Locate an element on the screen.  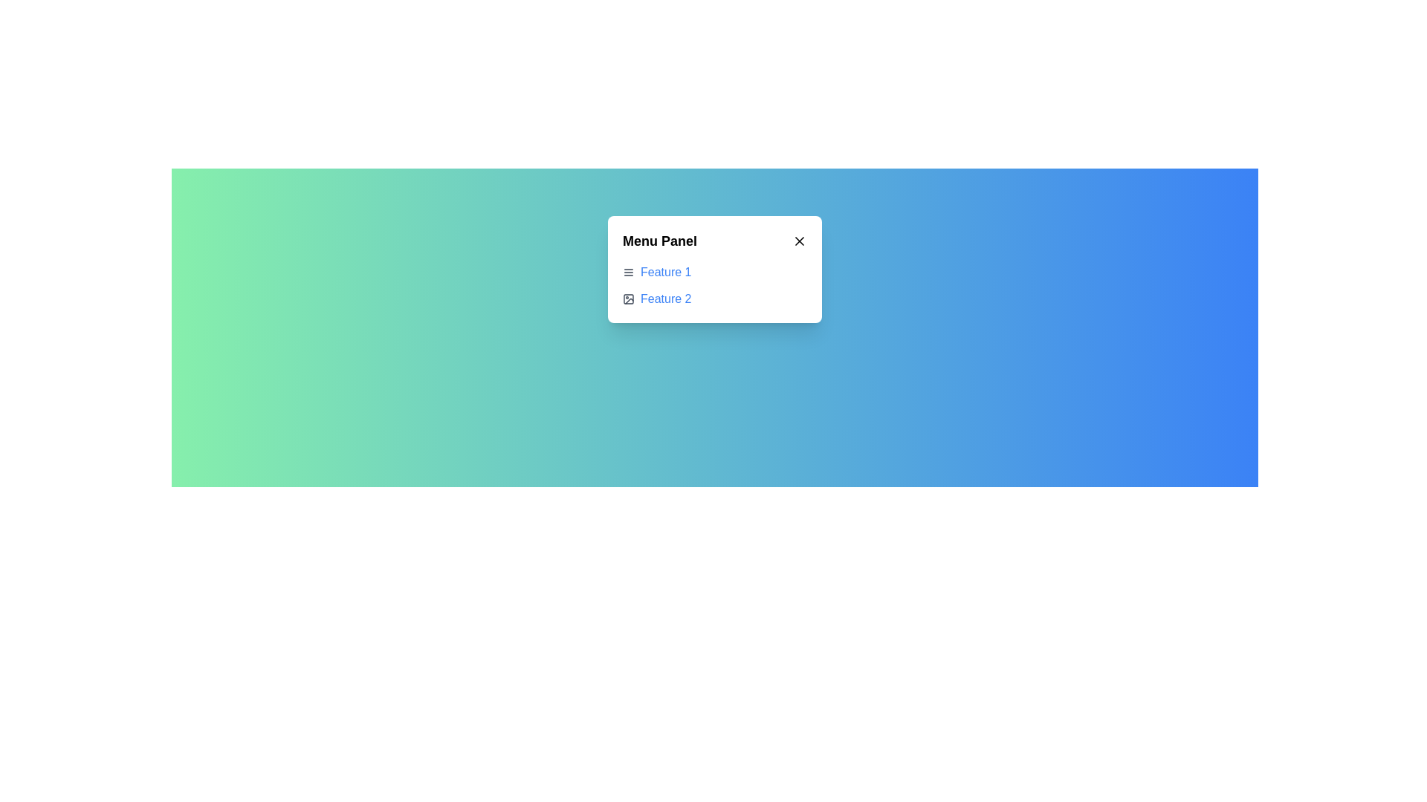
the hyperlink that navigates to the section labeled 'Feature 1', which is positioned below 'Menu Panel' and above 'Feature 2' in the modal panel is located at coordinates (665, 272).